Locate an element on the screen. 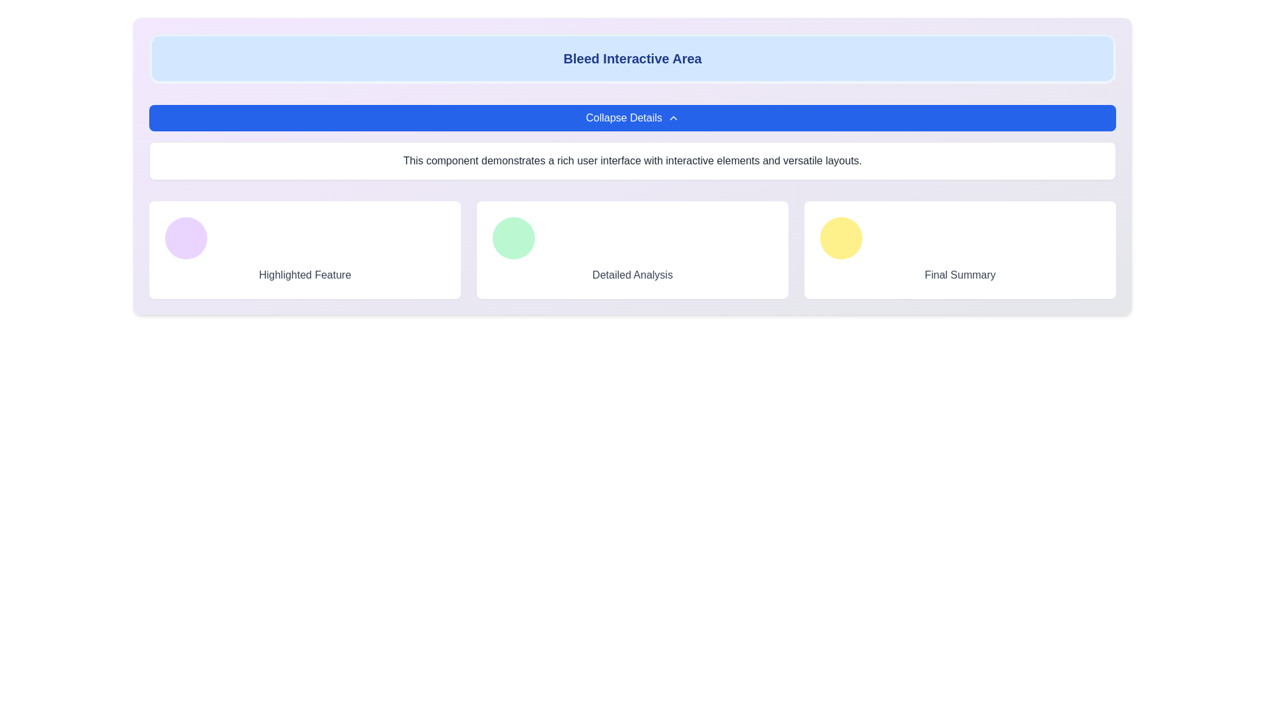  the toggle button located below the 'Bleed Interactive Area' header to observe its hover effect is located at coordinates (632, 117).